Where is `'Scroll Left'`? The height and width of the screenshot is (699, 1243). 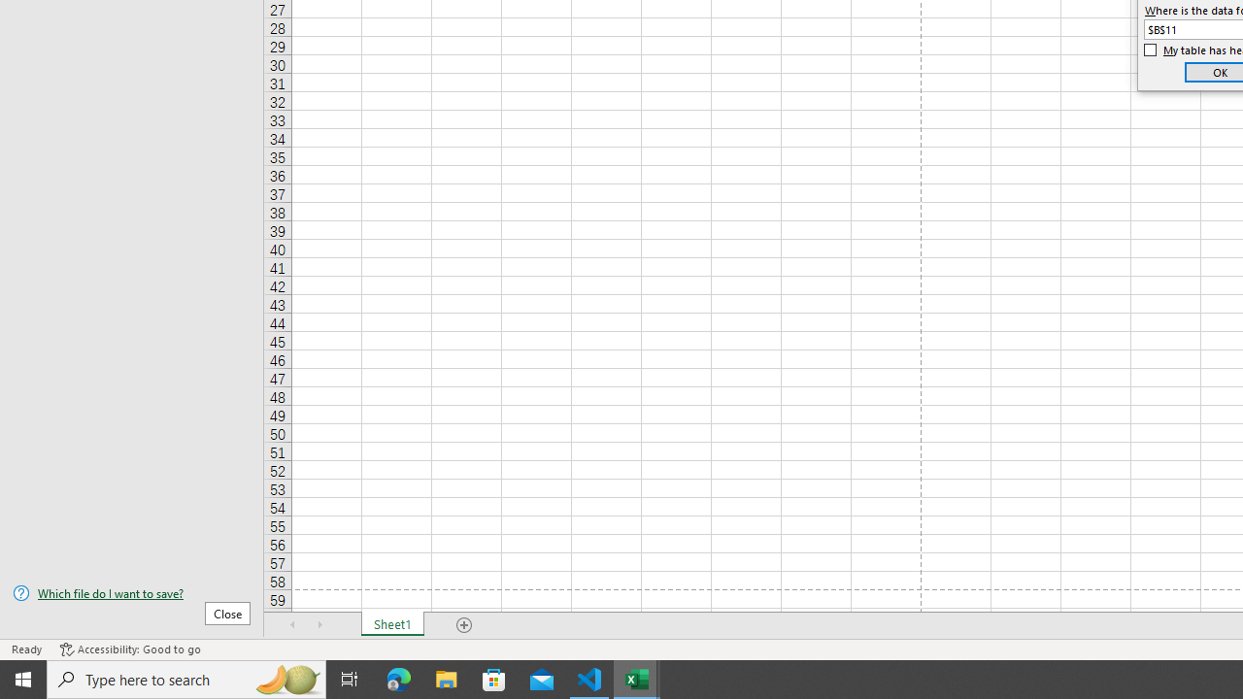 'Scroll Left' is located at coordinates (292, 625).